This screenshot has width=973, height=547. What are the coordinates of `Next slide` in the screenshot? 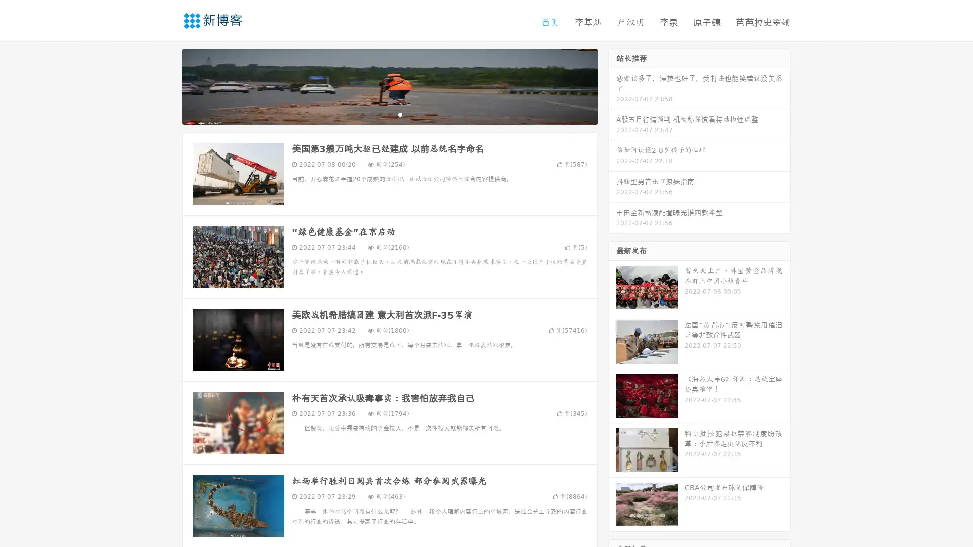 It's located at (612, 85).